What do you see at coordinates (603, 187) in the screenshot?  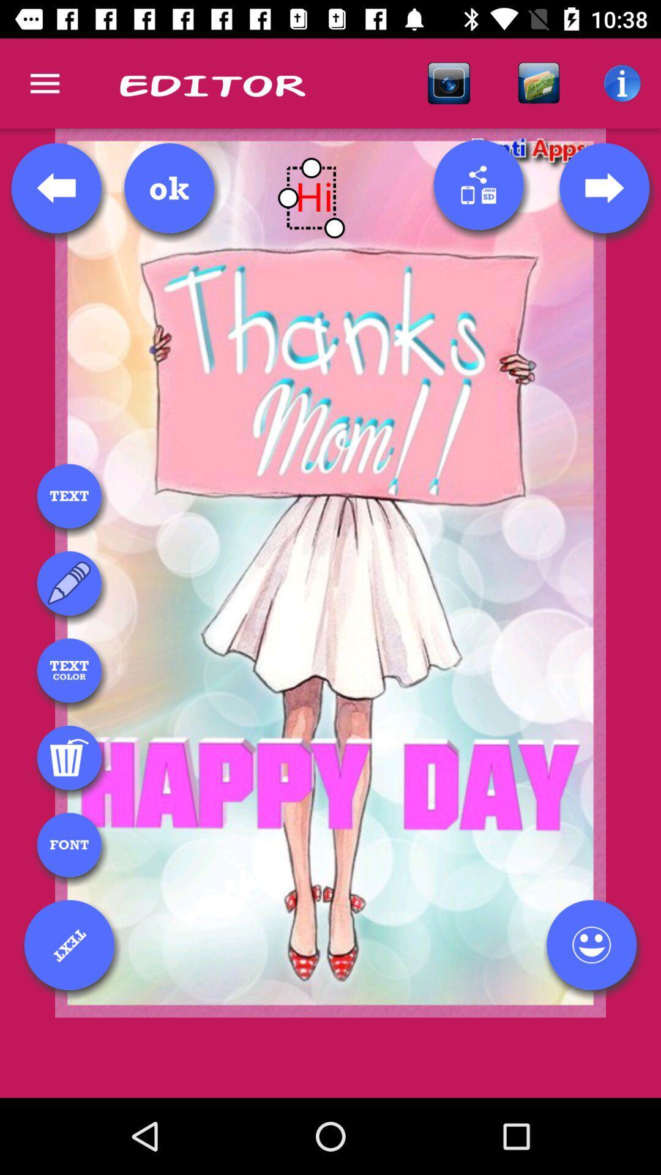 I see `next template` at bounding box center [603, 187].